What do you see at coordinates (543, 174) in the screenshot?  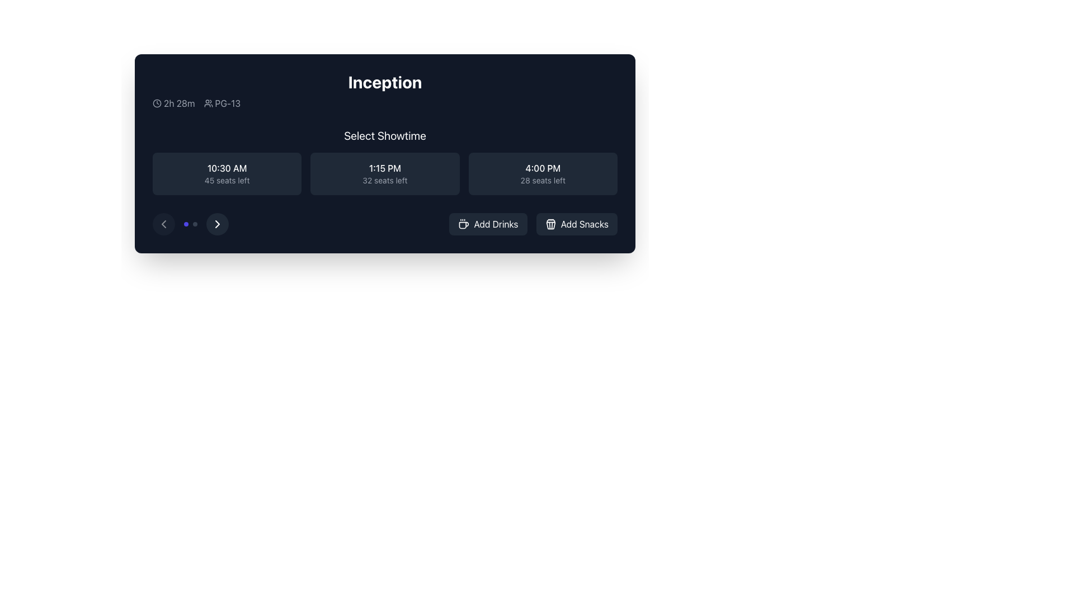 I see `the third interactive card in the grid layout under the 'Select Showtime' heading` at bounding box center [543, 174].